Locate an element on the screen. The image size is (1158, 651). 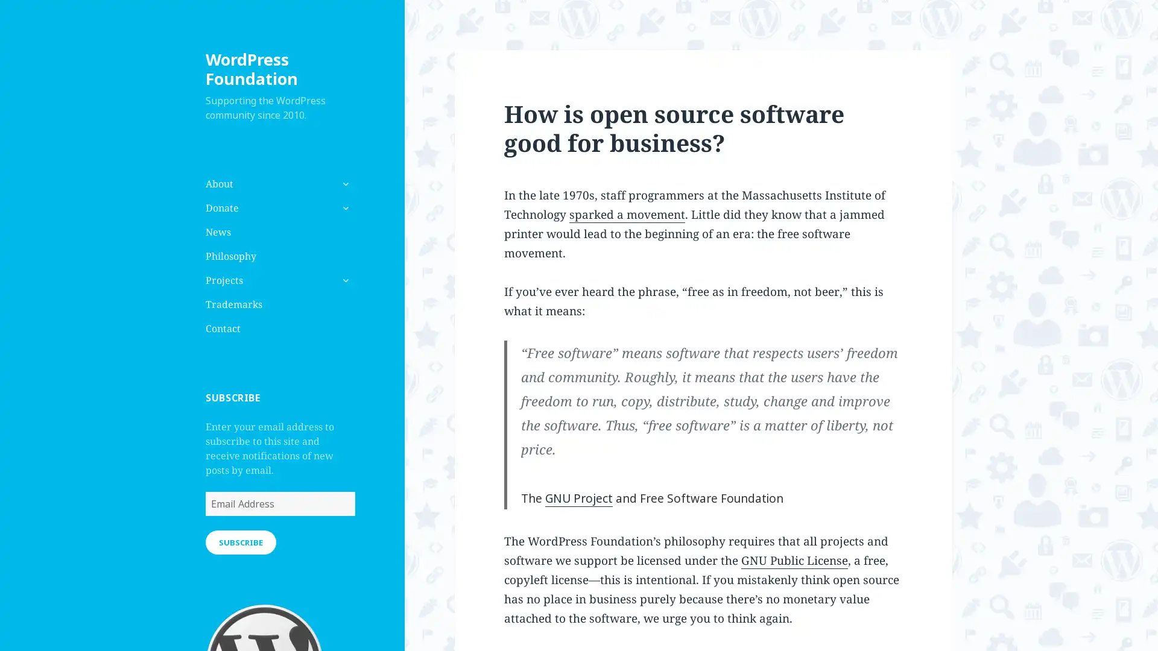
expand child menu is located at coordinates (344, 207).